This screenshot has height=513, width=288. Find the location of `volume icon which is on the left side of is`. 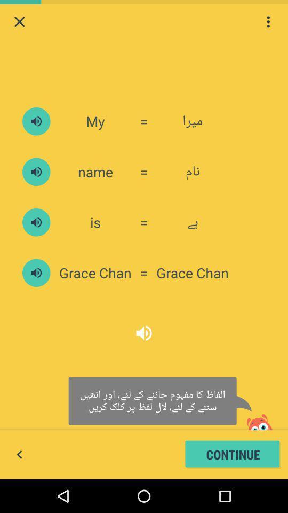

volume icon which is on the left side of is is located at coordinates (36, 222).